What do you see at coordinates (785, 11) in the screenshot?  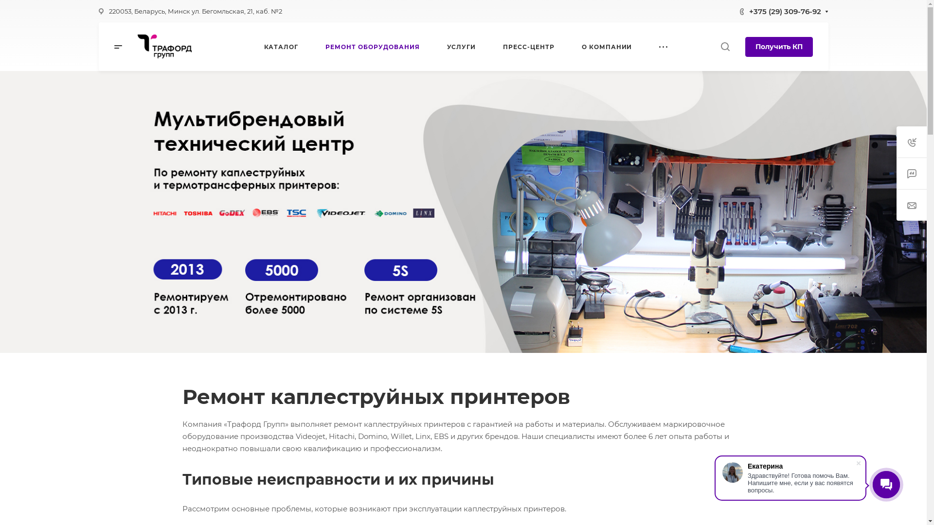 I see `'+375 (29) 309-76-92'` at bounding box center [785, 11].